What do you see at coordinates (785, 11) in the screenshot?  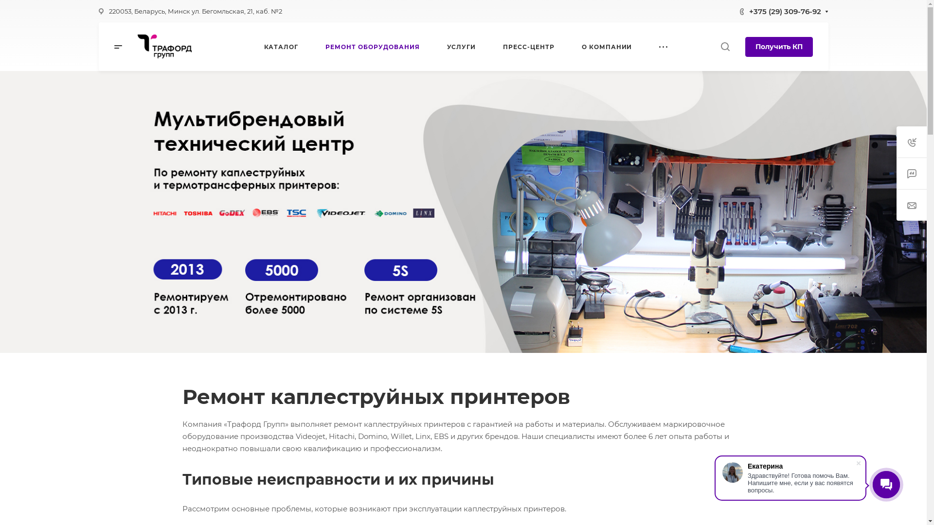 I see `'+375 (29) 309-76-92'` at bounding box center [785, 11].